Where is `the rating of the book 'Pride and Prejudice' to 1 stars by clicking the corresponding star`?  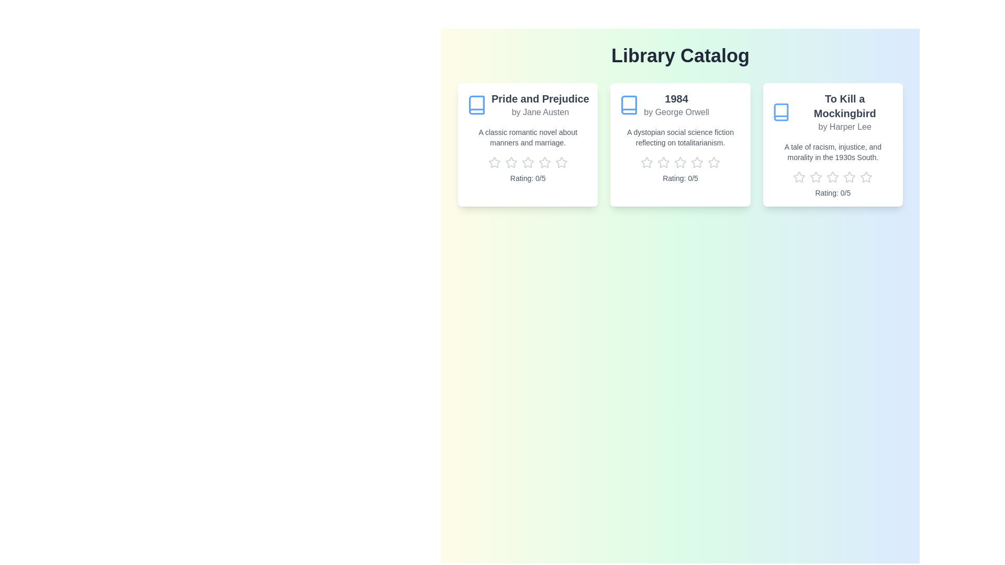 the rating of the book 'Pride and Prejudice' to 1 stars by clicking the corresponding star is located at coordinates (494, 163).